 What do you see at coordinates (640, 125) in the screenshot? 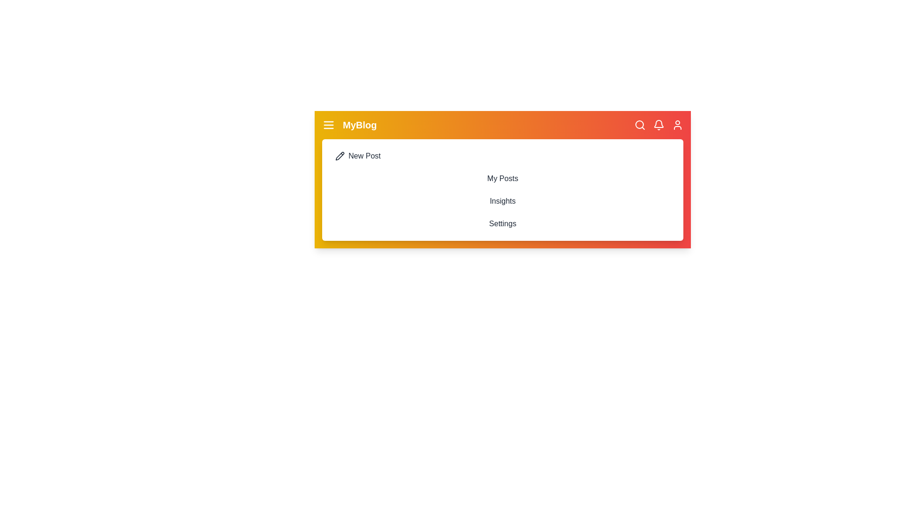
I see `the search icon in the app bar` at bounding box center [640, 125].